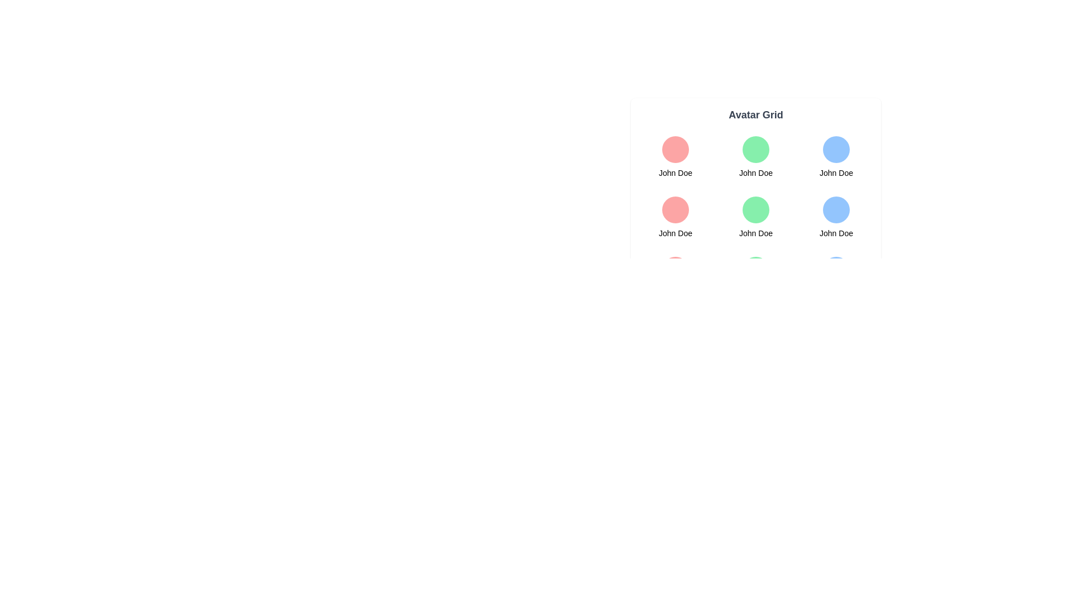 The width and height of the screenshot is (1072, 603). What do you see at coordinates (755, 205) in the screenshot?
I see `the highlighted green-colored circular avatar labeled 'John Doe'` at bounding box center [755, 205].